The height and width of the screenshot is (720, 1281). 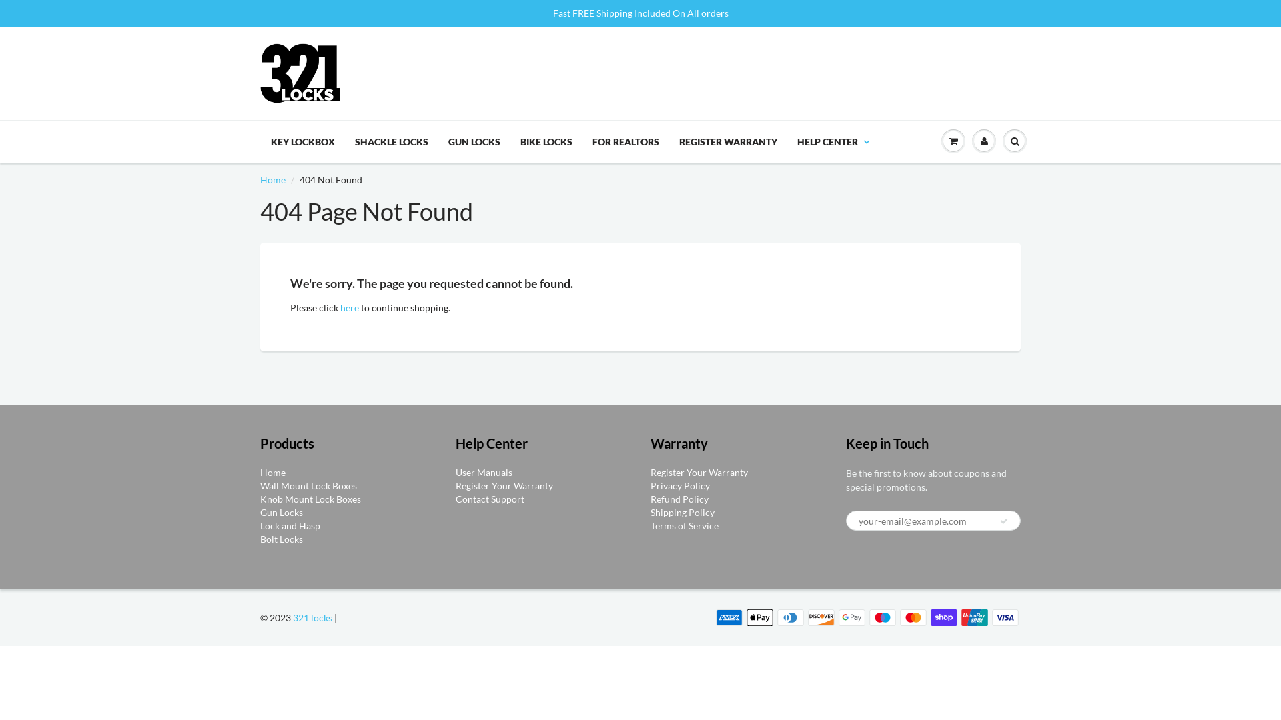 I want to click on 'Bolt Locks', so click(x=281, y=538).